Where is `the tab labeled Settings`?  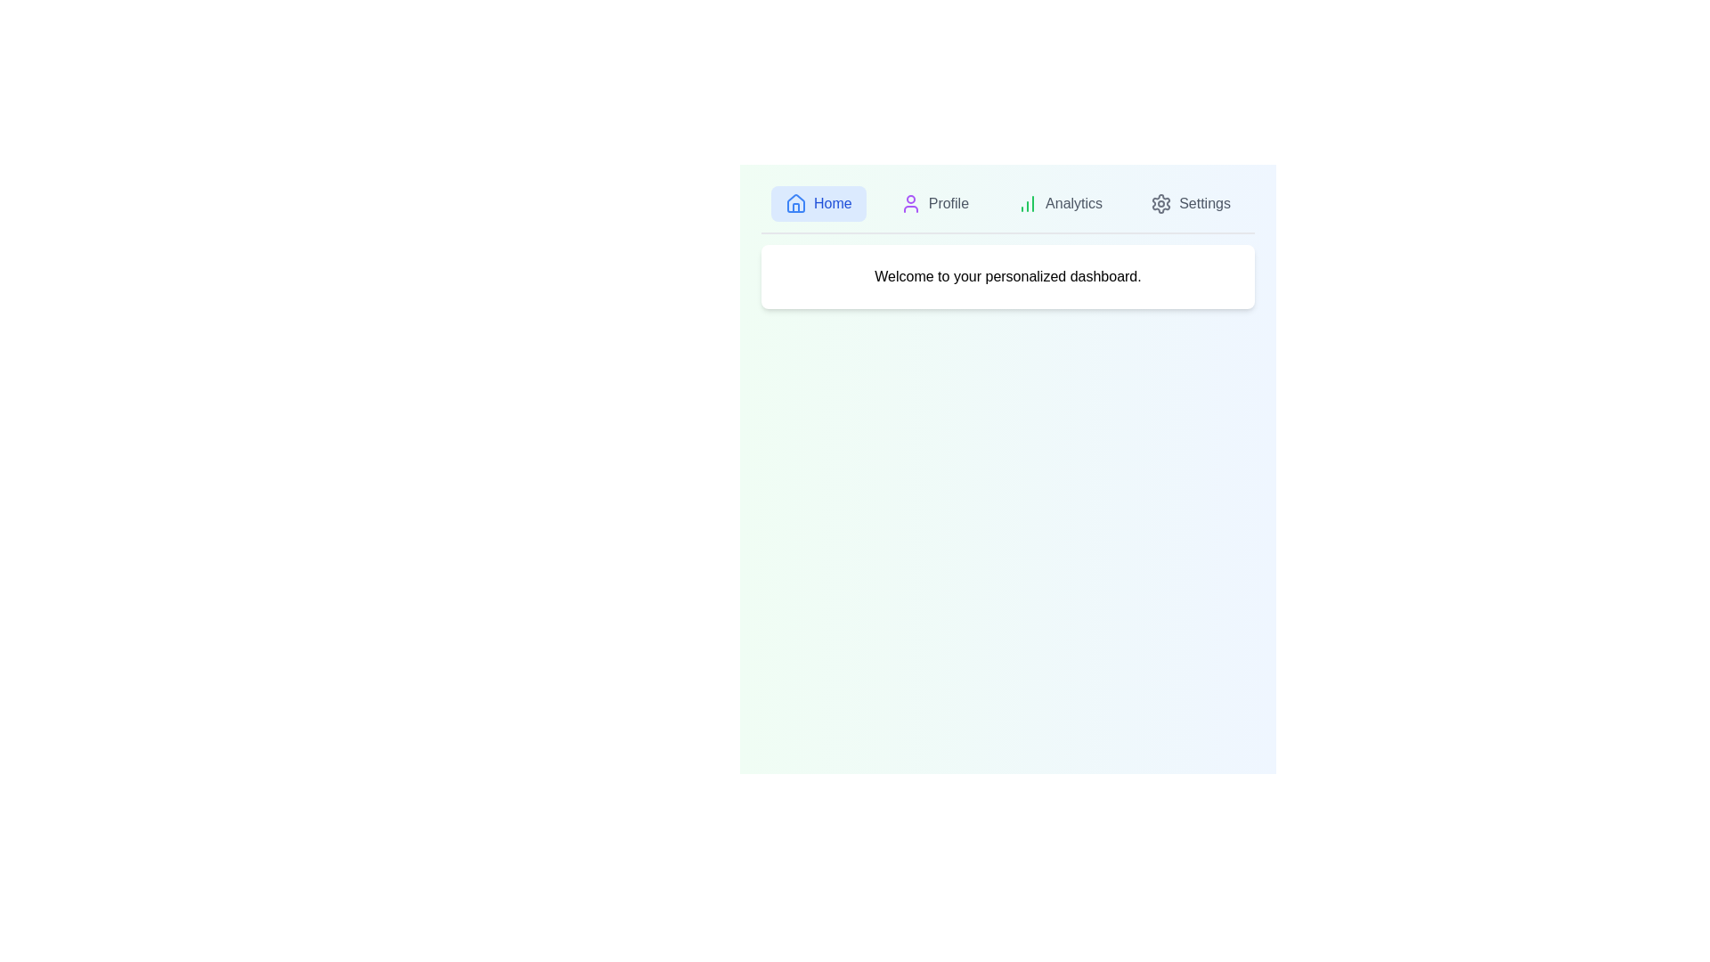 the tab labeled Settings is located at coordinates (1191, 202).